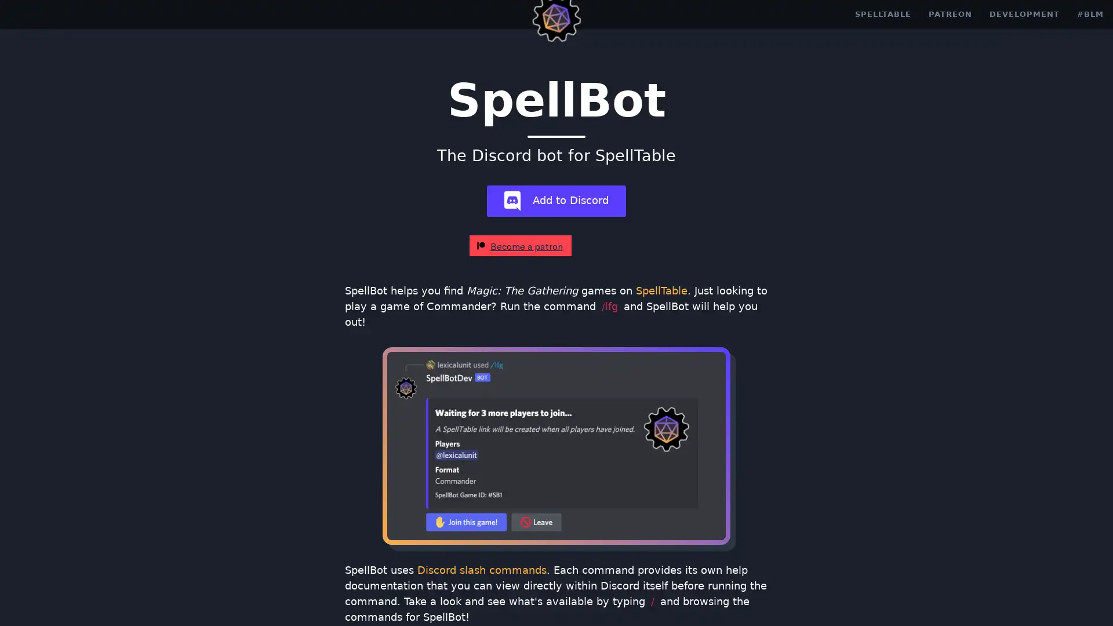 The width and height of the screenshot is (1113, 626). What do you see at coordinates (556, 200) in the screenshot?
I see `add-bot Add to Discord` at bounding box center [556, 200].